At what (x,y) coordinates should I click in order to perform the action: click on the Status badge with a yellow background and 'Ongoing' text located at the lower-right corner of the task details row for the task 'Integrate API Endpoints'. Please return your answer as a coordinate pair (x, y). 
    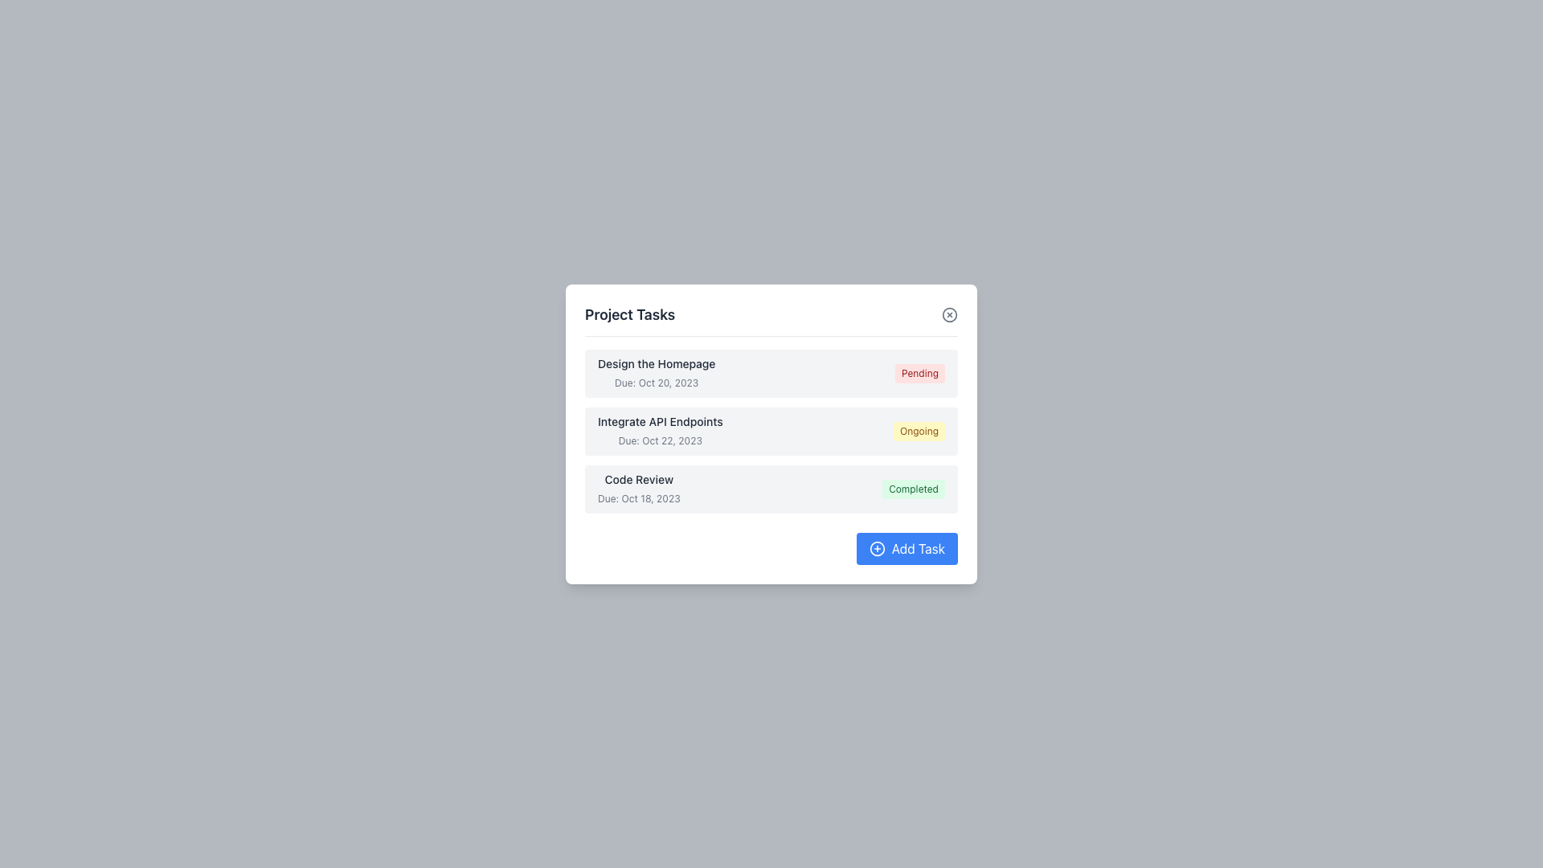
    Looking at the image, I should click on (919, 430).